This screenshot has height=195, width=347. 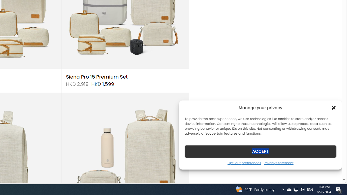 What do you see at coordinates (333, 108) in the screenshot?
I see `'Class: cmplz-close'` at bounding box center [333, 108].